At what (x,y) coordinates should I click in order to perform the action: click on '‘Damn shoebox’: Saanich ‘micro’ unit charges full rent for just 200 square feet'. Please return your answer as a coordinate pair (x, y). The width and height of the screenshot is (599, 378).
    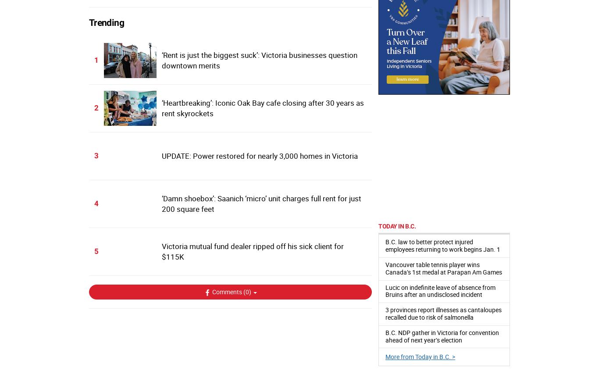
    Looking at the image, I should click on (161, 203).